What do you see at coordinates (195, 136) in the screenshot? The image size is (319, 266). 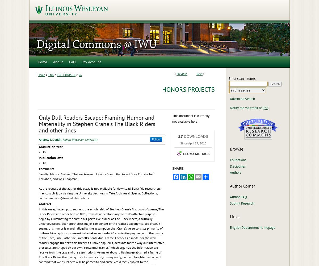 I see `'DOWNLOADS'` at bounding box center [195, 136].